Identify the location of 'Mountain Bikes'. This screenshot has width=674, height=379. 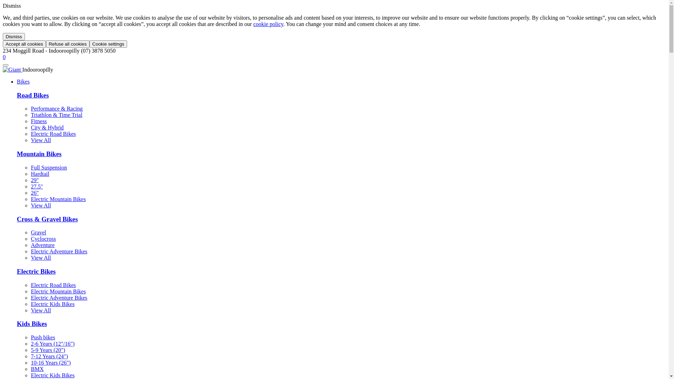
(39, 153).